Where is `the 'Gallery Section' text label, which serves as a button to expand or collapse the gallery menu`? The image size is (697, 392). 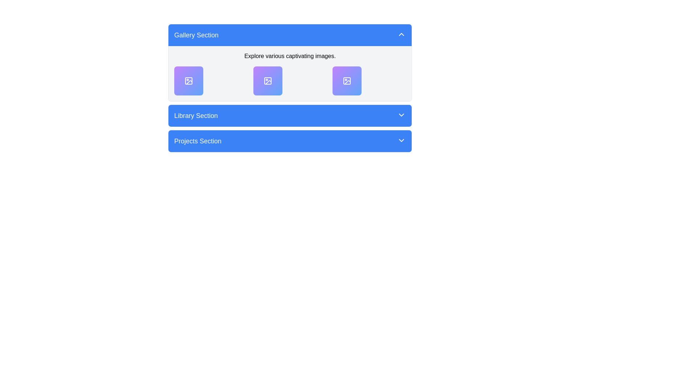 the 'Gallery Section' text label, which serves as a button to expand or collapse the gallery menu is located at coordinates (196, 35).